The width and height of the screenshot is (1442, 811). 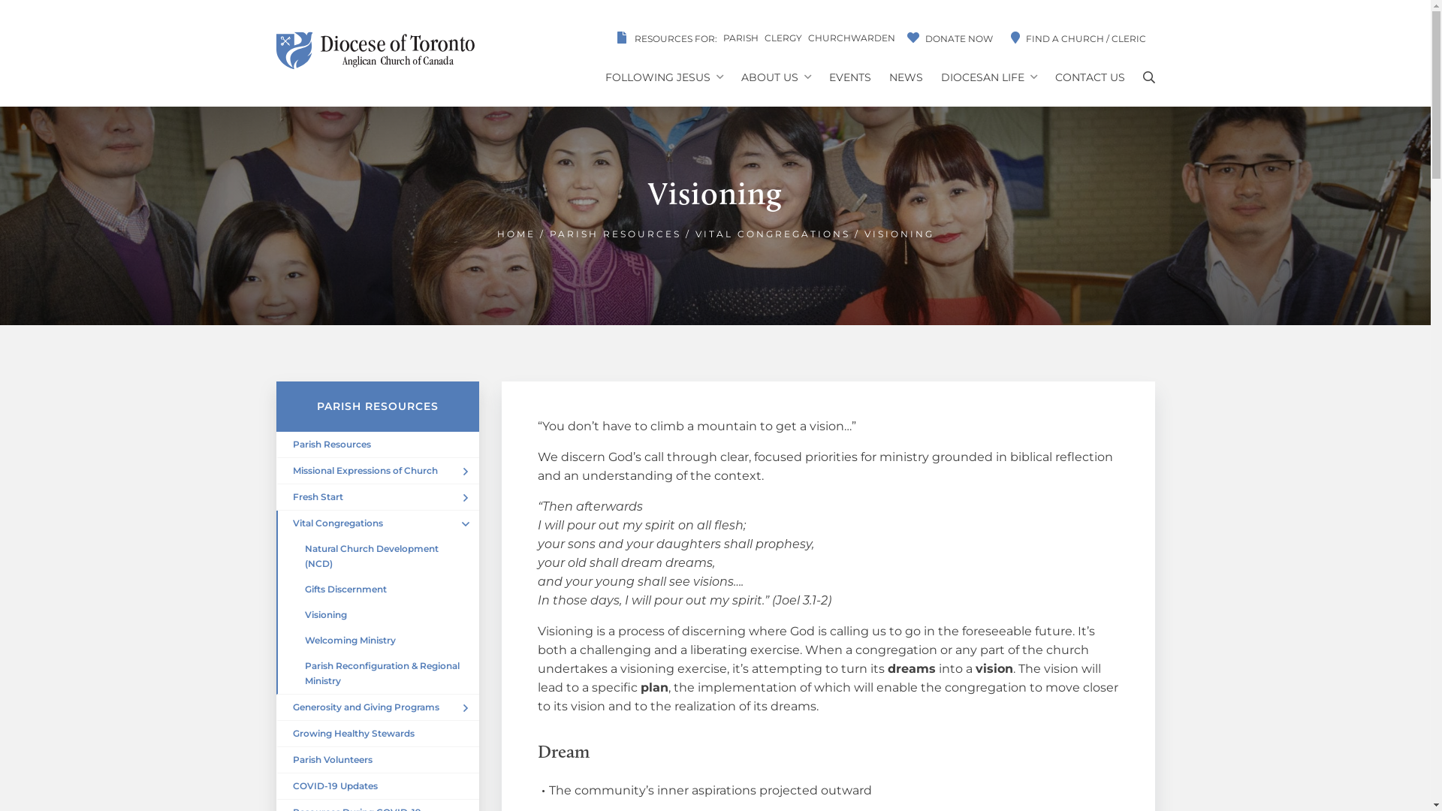 What do you see at coordinates (663, 77) in the screenshot?
I see `'FOLLOWING JESUS'` at bounding box center [663, 77].